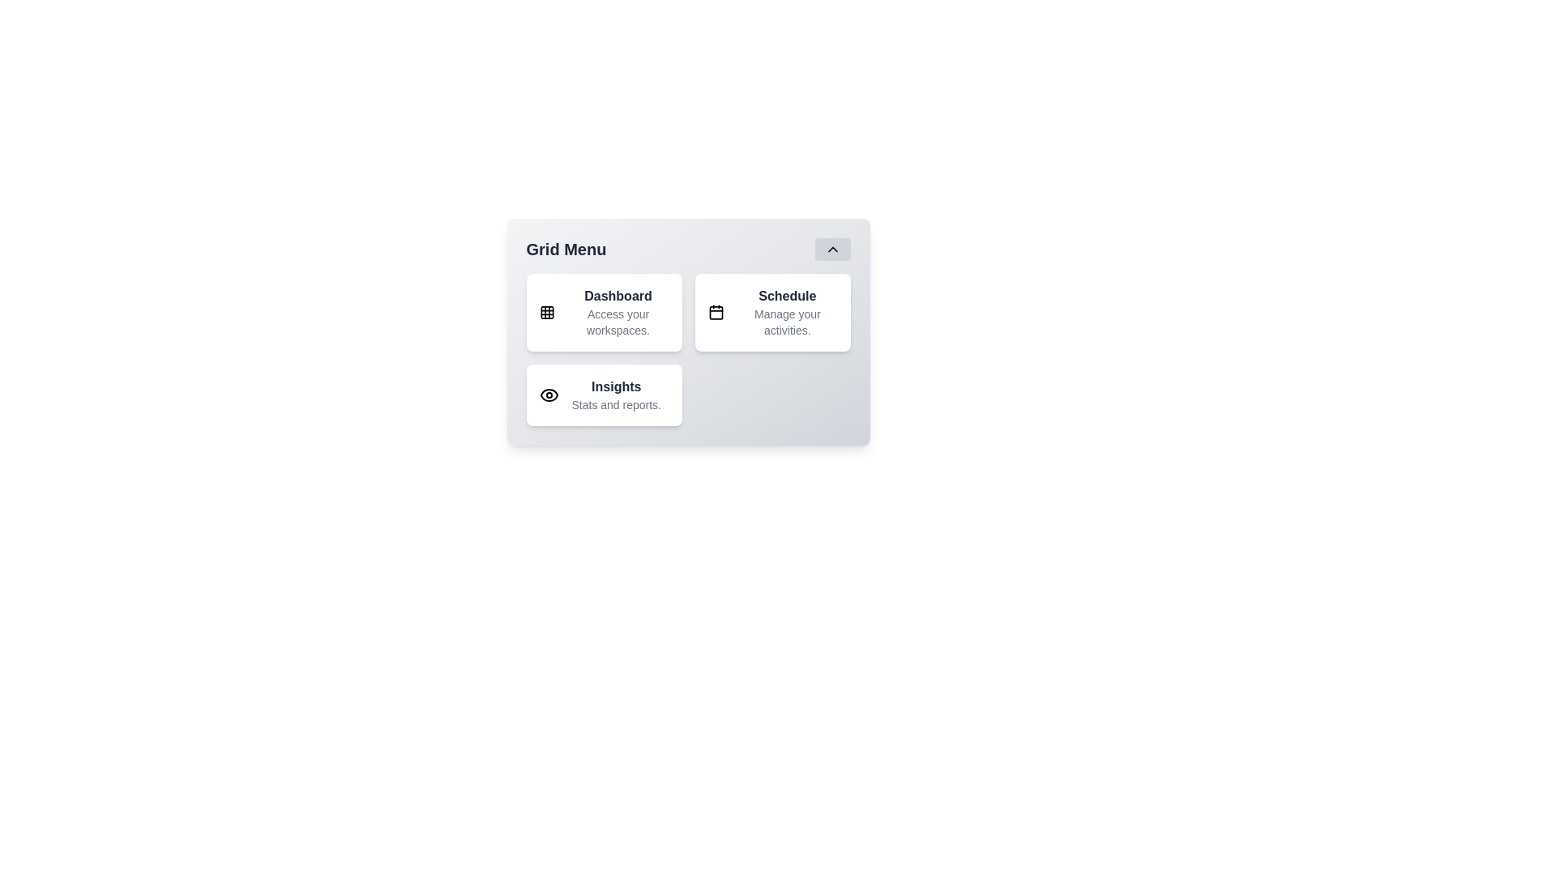 The height and width of the screenshot is (875, 1556). What do you see at coordinates (832, 250) in the screenshot?
I see `the chevron button to toggle the menu expansion state` at bounding box center [832, 250].